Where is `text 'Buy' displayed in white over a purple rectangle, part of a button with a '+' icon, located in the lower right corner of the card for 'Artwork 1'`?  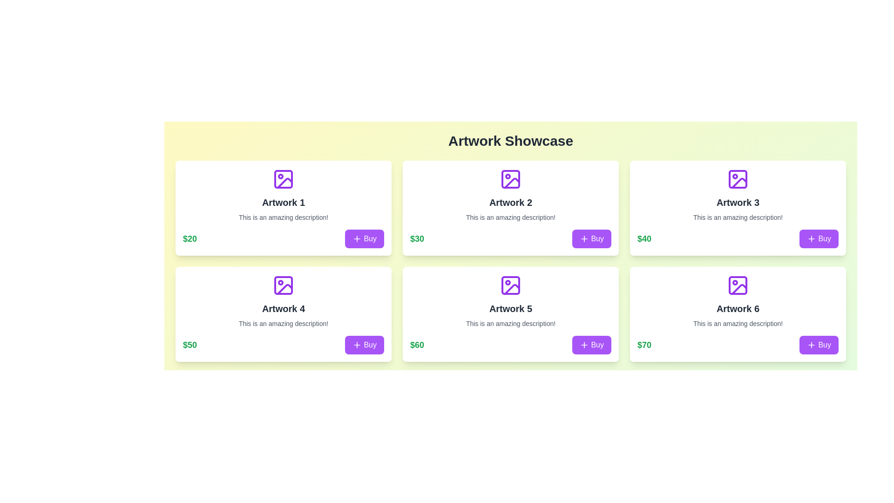 text 'Buy' displayed in white over a purple rectangle, part of a button with a '+' icon, located in the lower right corner of the card for 'Artwork 1' is located at coordinates (370, 238).